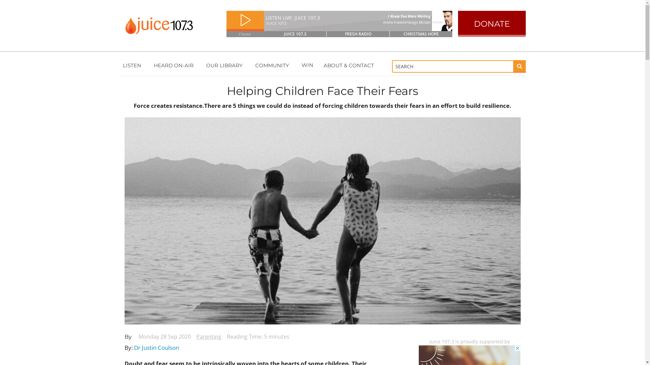 This screenshot has width=650, height=365. Describe the element at coordinates (225, 65) in the screenshot. I see `'OUR LIBRARY'` at that location.